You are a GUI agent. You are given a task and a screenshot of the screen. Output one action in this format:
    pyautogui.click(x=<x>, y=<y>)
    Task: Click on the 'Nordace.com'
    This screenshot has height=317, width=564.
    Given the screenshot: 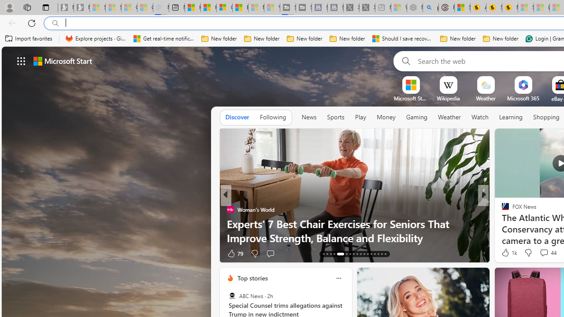 What is the action you would take?
    pyautogui.click(x=514, y=223)
    